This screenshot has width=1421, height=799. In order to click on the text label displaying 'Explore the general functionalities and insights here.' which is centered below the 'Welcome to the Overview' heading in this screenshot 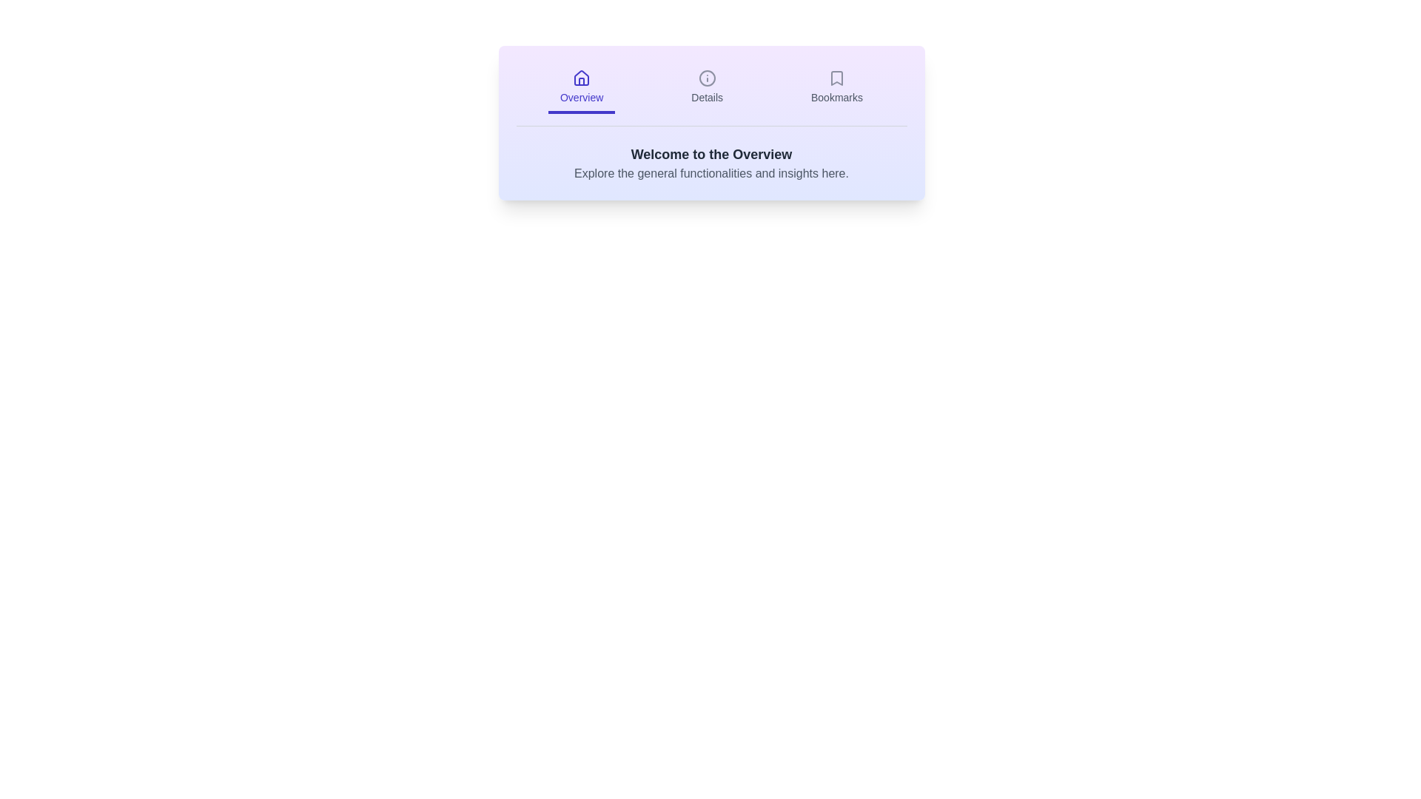, I will do `click(711, 173)`.